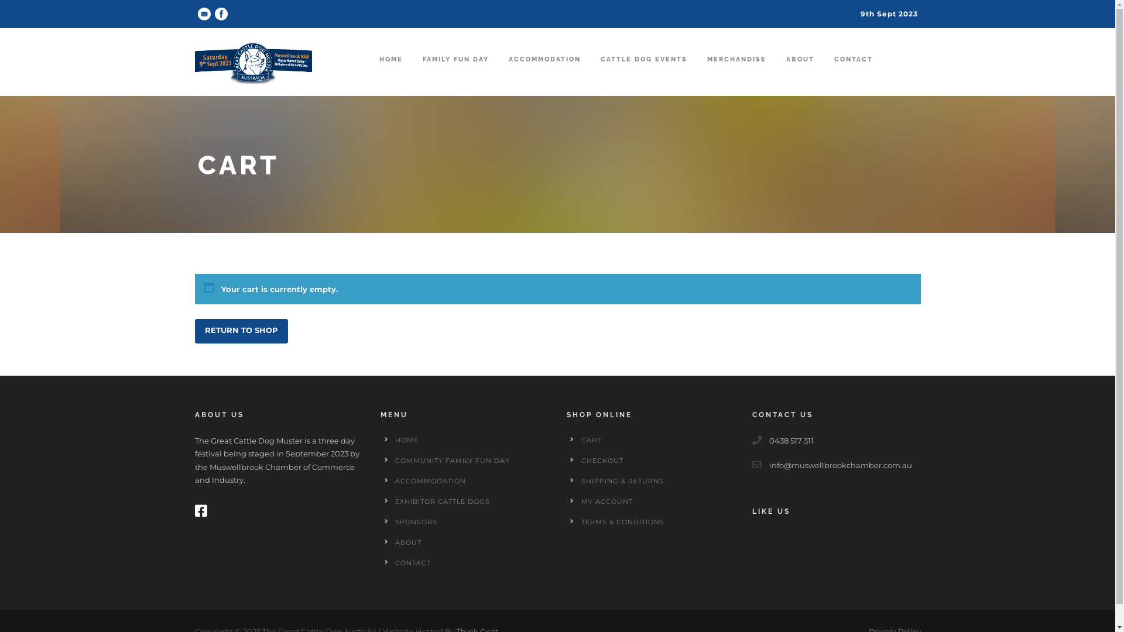 Image resolution: width=1124 pixels, height=632 pixels. I want to click on 'HOME', so click(395, 440).